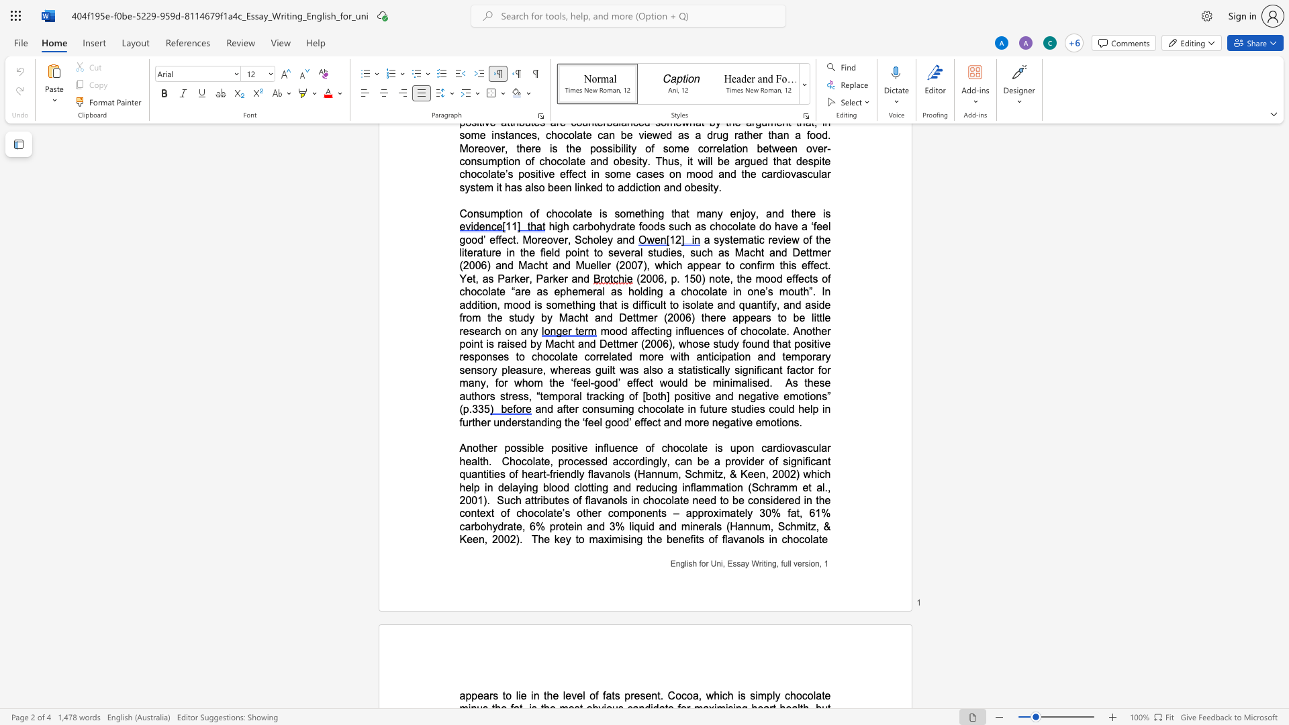 This screenshot has height=725, width=1289. What do you see at coordinates (593, 421) in the screenshot?
I see `the space between the continuous character "e" and "e" in the text` at bounding box center [593, 421].